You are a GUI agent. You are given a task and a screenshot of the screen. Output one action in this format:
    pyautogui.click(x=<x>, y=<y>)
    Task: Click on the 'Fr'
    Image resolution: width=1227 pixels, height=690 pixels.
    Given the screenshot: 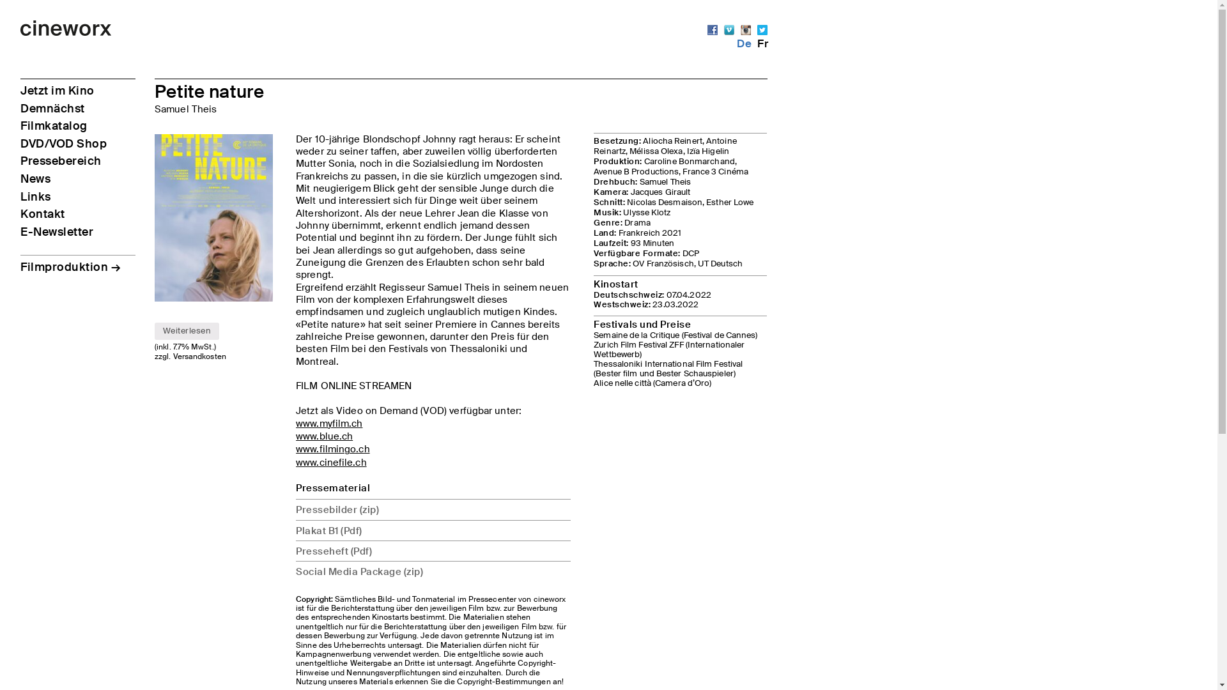 What is the action you would take?
    pyautogui.click(x=757, y=43)
    